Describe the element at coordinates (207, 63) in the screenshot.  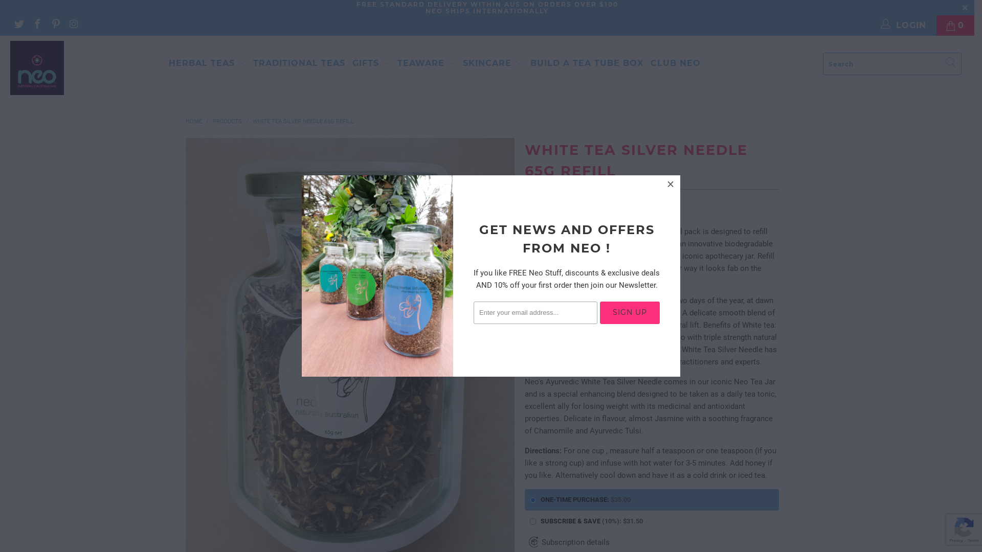
I see `'HERBAL TEAS'` at that location.